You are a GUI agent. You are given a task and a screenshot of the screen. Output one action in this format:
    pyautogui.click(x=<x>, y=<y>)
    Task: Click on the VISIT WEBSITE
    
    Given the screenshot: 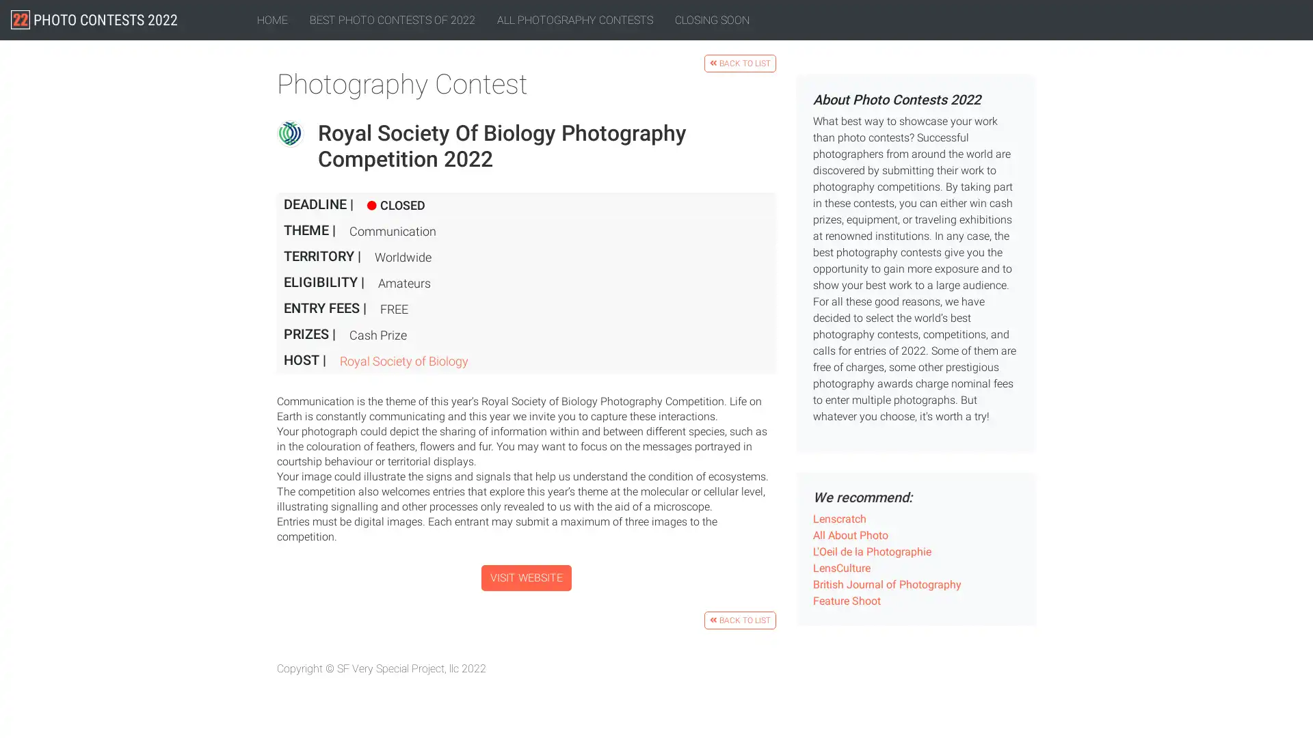 What is the action you would take?
    pyautogui.click(x=525, y=577)
    